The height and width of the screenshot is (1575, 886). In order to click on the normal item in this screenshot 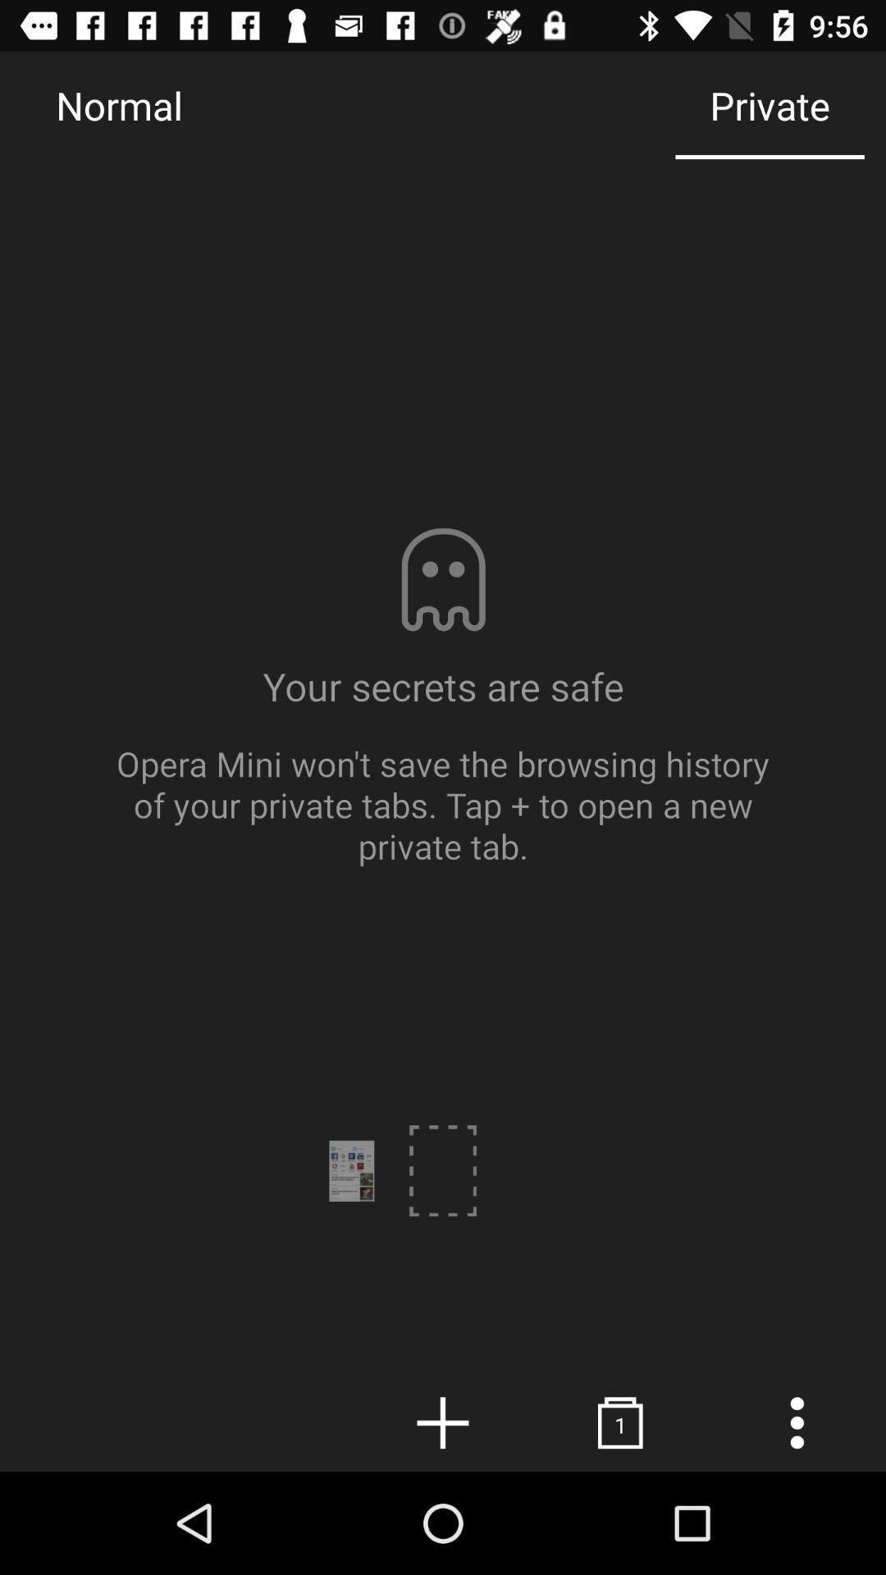, I will do `click(118, 104)`.